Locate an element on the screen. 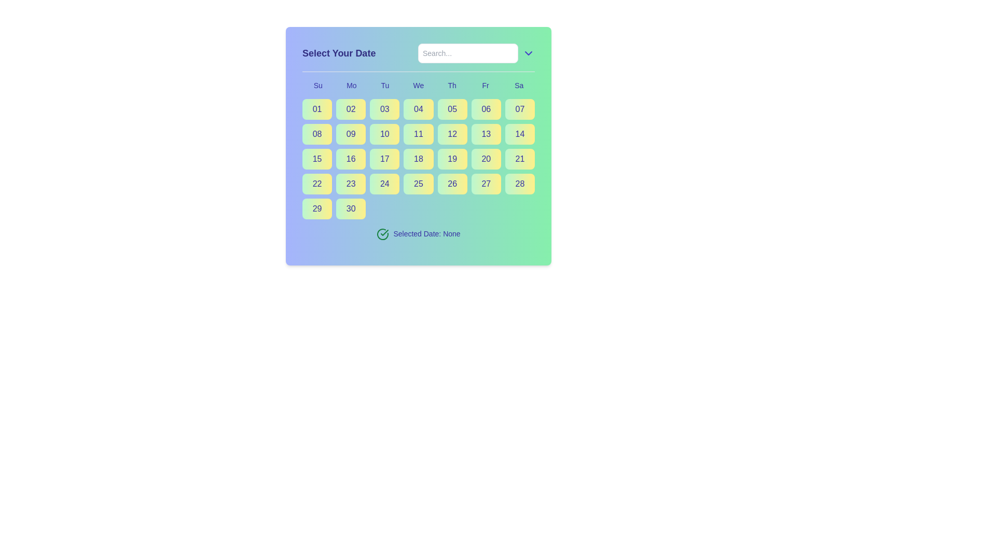  the button representing the 5th day of the month, located in a grid layout under the heading 'Th' is located at coordinates (452, 109).